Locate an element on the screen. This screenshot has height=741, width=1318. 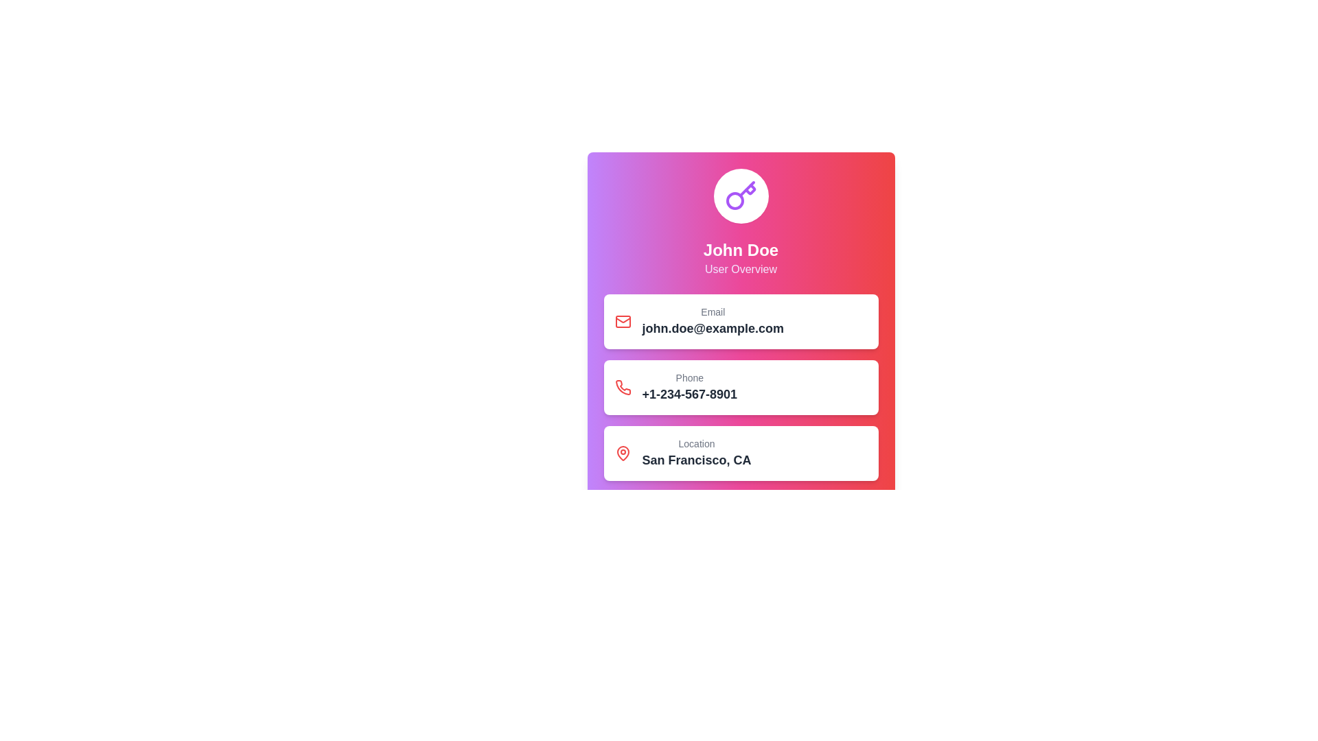
the text label that indicates the purpose of the adjacent phone number, located at the top part of the rectangular card containing contact details is located at coordinates (689, 378).